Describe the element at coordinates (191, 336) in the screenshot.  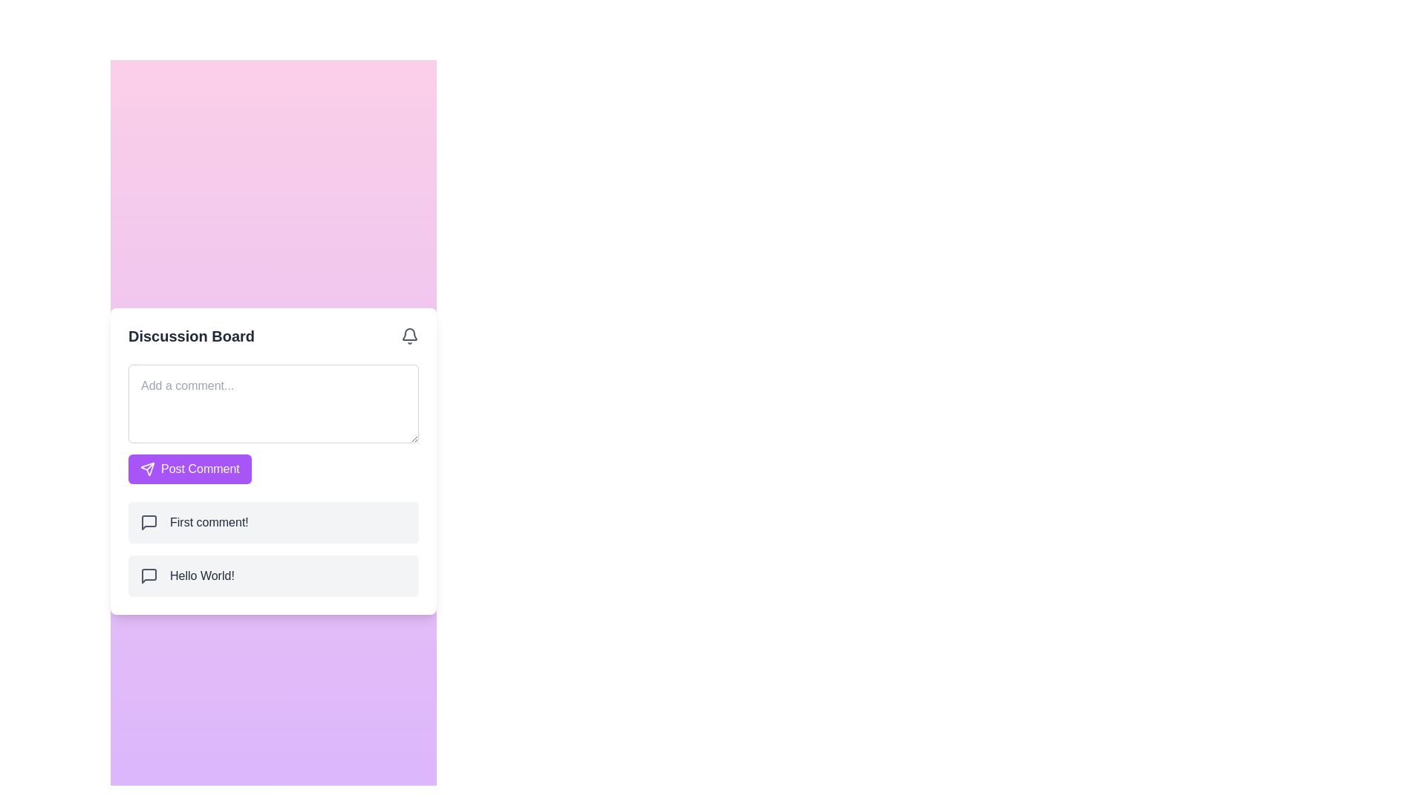
I see `the Text Label that serves as a section header for the discussion board feature, positioned at the far left edge in the top row above the input field for comments` at that location.